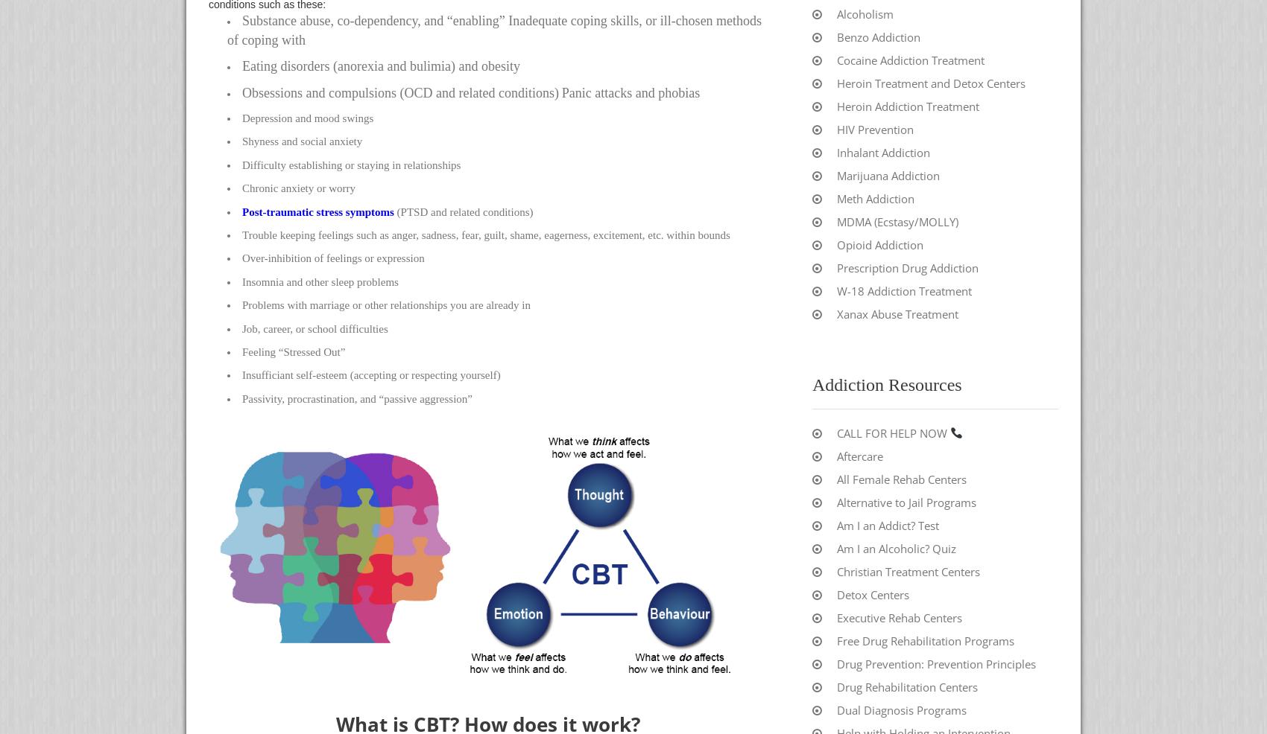 The height and width of the screenshot is (734, 1267). I want to click on 'Am I an Alcoholic? Quiz', so click(895, 547).